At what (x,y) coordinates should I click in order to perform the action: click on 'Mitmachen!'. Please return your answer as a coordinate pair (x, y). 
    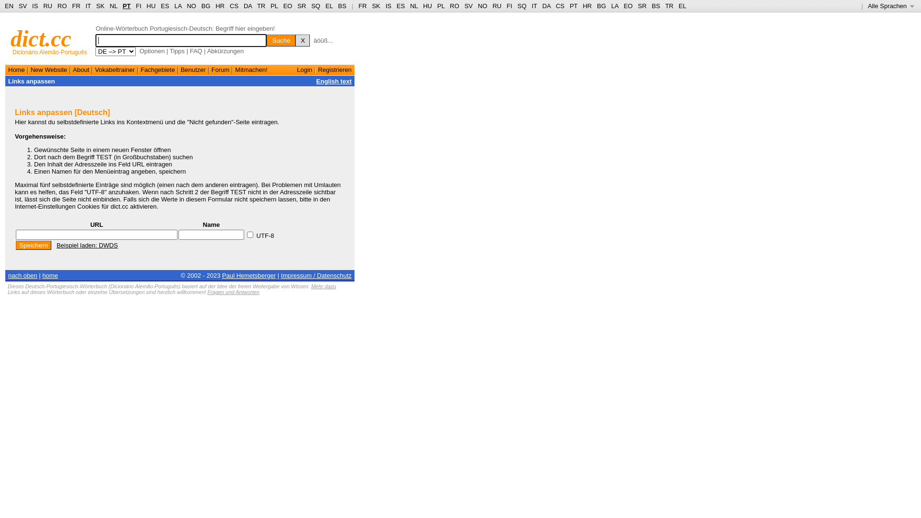
    Looking at the image, I should click on (251, 69).